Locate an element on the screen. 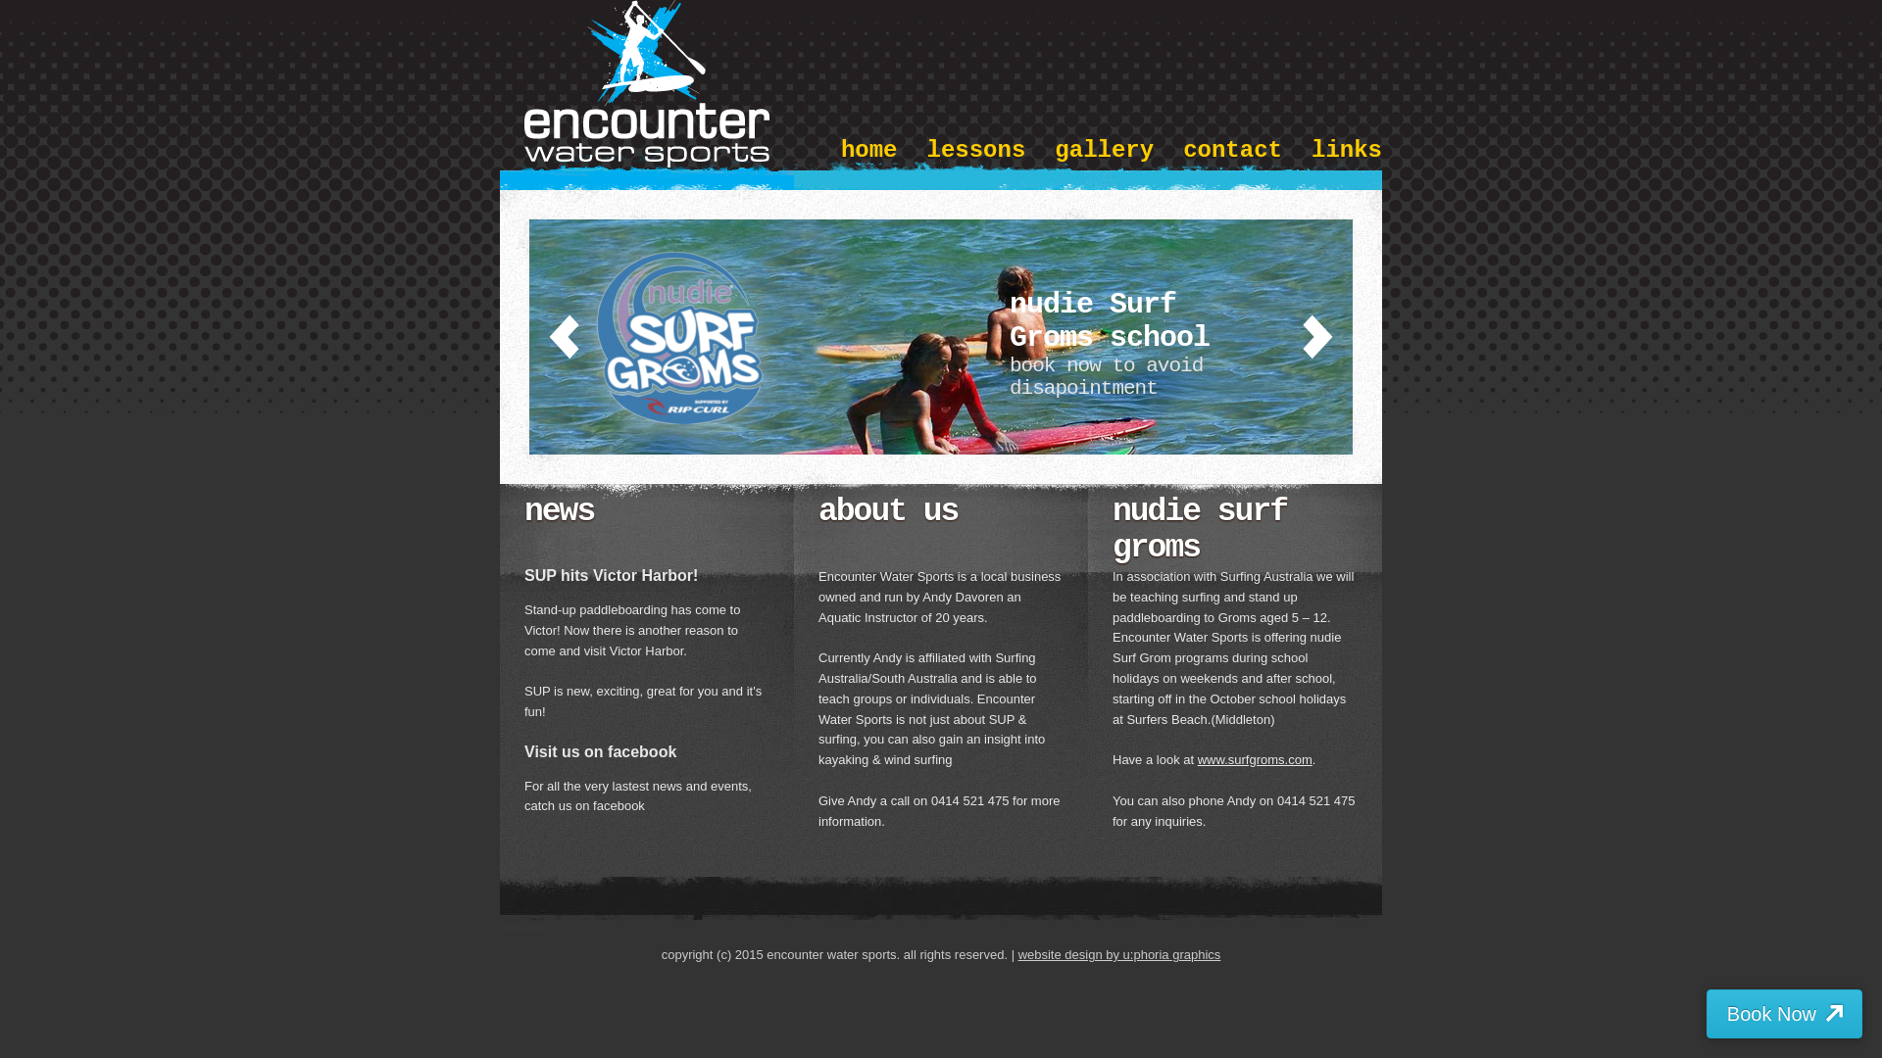 This screenshot has width=1882, height=1058. 'Book Now' is located at coordinates (1784, 1013).